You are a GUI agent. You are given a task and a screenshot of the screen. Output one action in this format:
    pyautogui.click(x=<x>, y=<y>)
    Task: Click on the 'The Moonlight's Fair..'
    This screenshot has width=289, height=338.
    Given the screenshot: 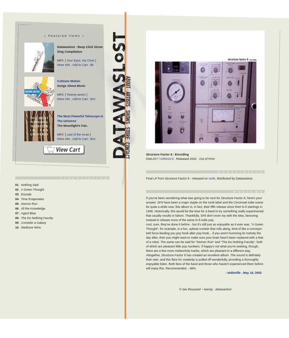 What is the action you would take?
    pyautogui.click(x=57, y=125)
    